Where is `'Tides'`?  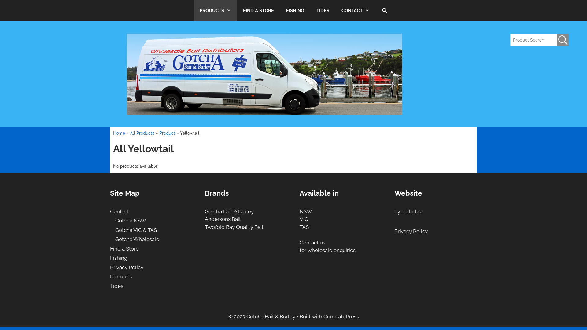 'Tides' is located at coordinates (116, 286).